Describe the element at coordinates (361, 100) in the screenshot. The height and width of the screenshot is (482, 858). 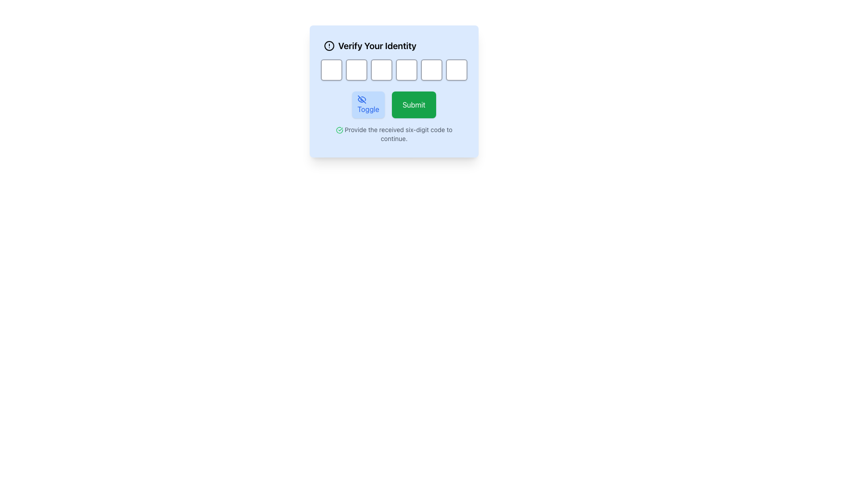
I see `the 'eye off' icon in the 'Verify Your Identity' box to toggle the visibility of entered characters in the input fields` at that location.